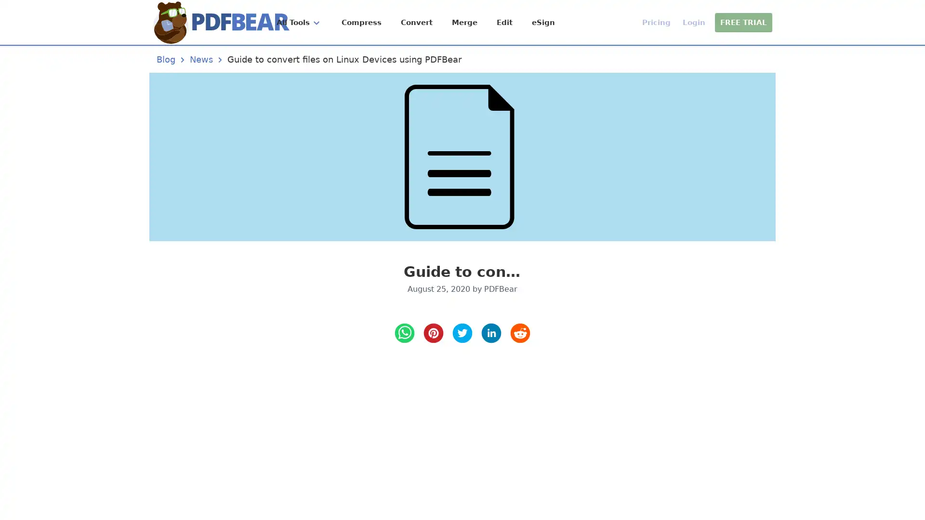 Image resolution: width=925 pixels, height=520 pixels. What do you see at coordinates (462, 156) in the screenshot?
I see `Guide to convert files on Linux Devices using PDFBear` at bounding box center [462, 156].